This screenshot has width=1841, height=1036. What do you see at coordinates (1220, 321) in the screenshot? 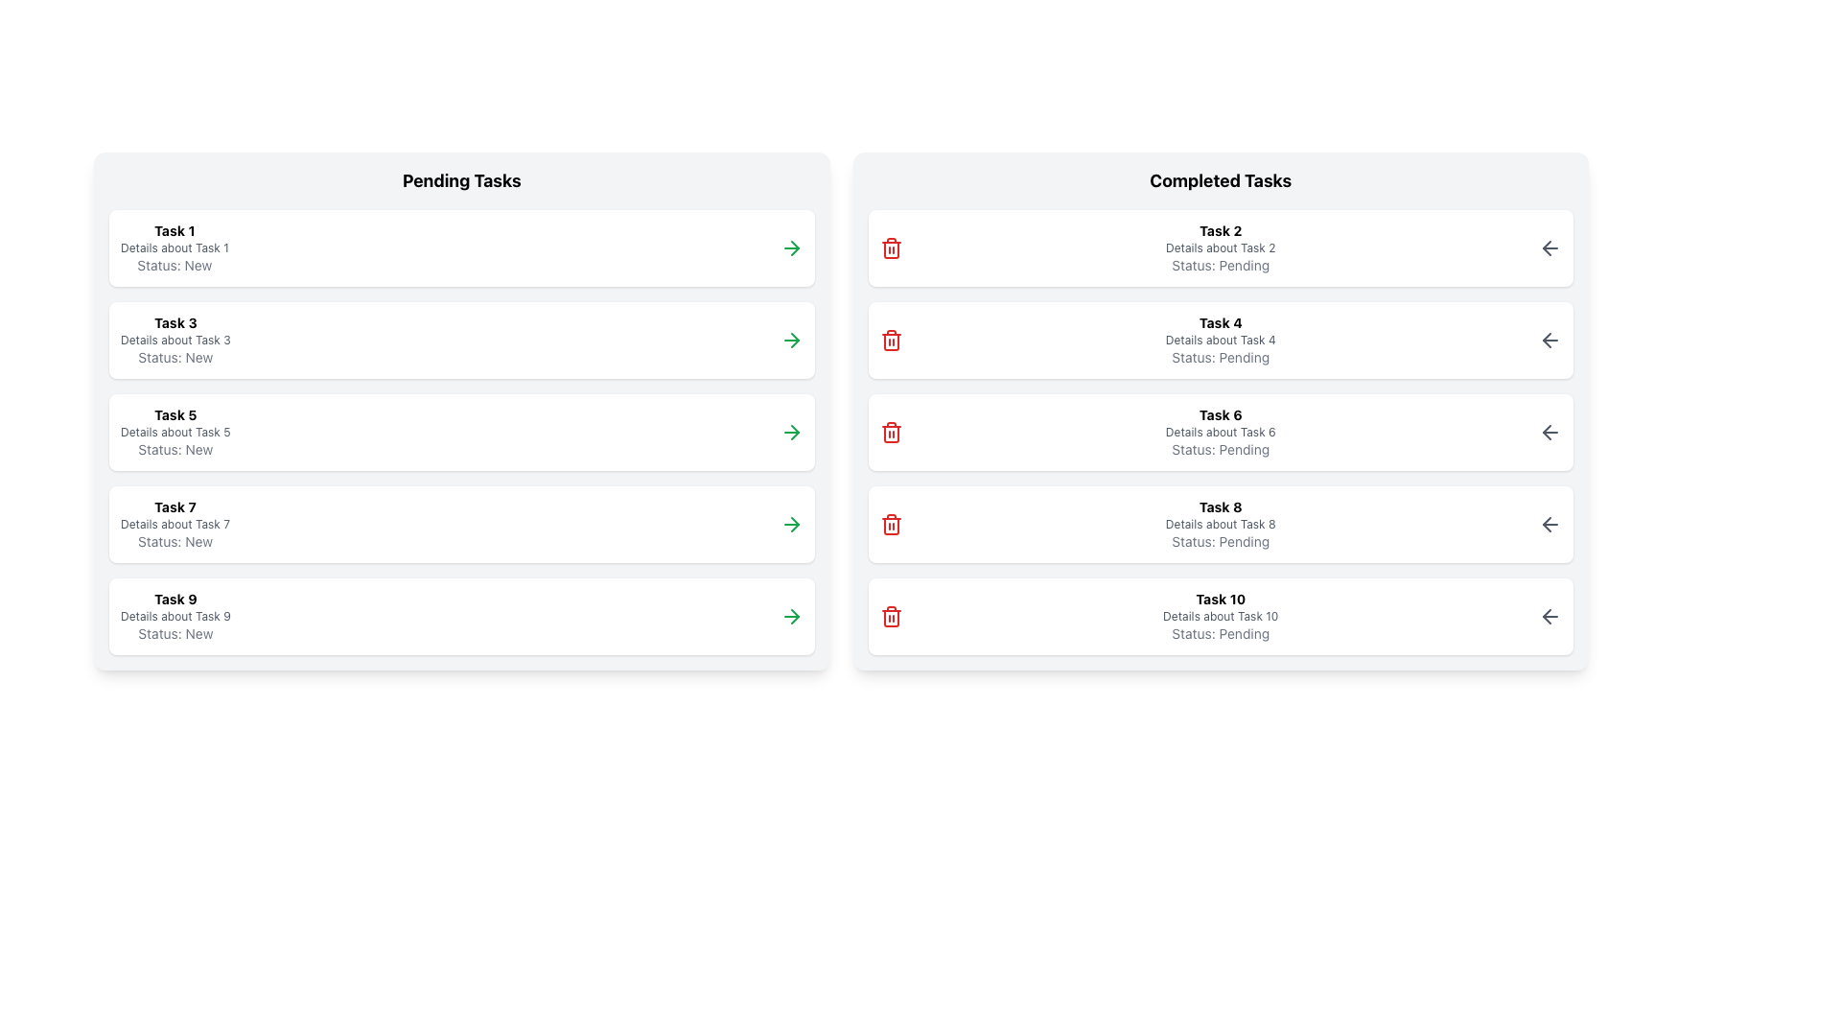
I see `text displayed in the bold 'Task 4' label, which is the first line of text in the second card under 'Completed Tasks' in the right-hand column` at bounding box center [1220, 321].